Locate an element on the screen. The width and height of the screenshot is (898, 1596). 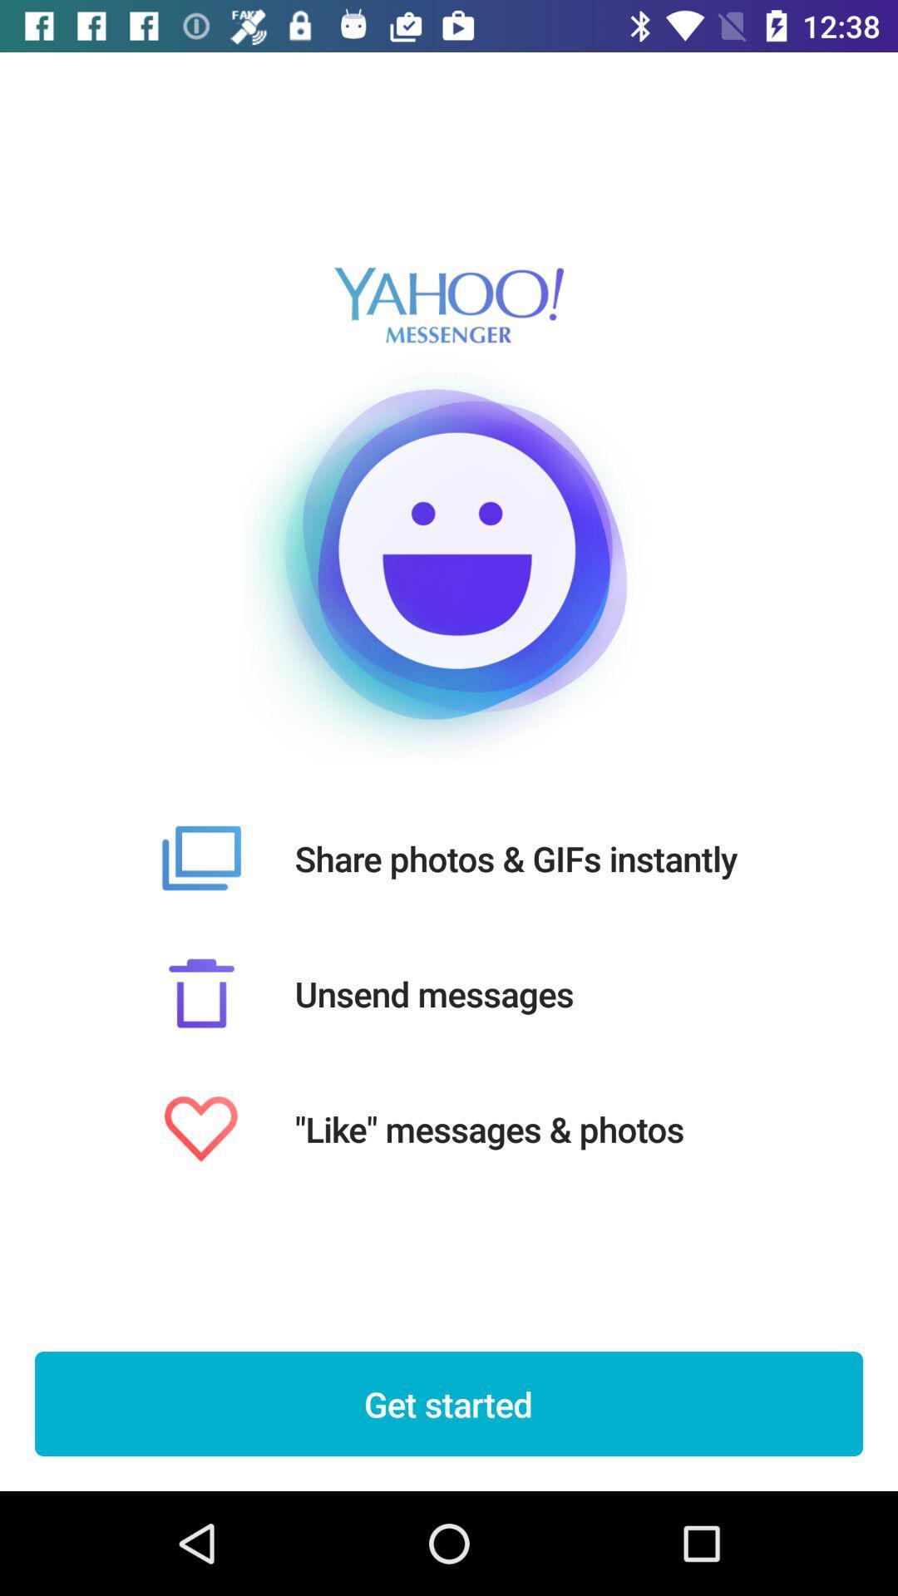
the get started is located at coordinates (449, 1403).